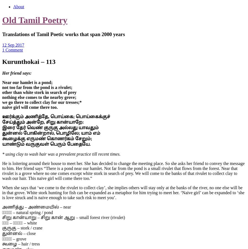 This screenshot has height=249, width=248. I want to click on 'Sep 2017', so click(15, 44).